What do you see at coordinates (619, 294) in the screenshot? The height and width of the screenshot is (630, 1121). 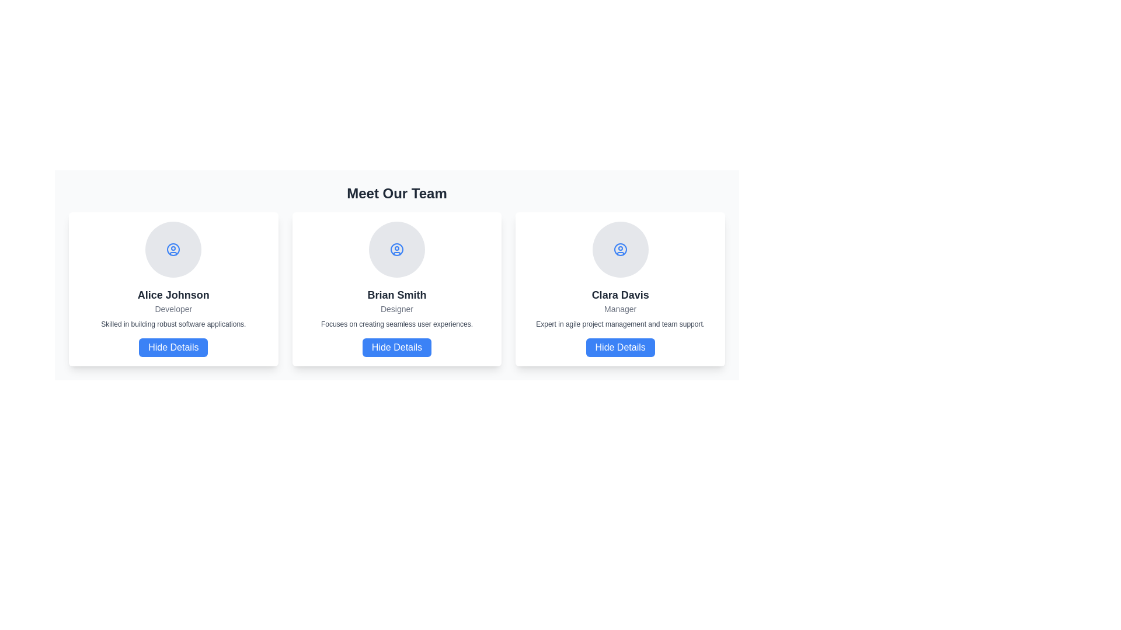 I see `the text label that identifies the individual associated with the third card in the team member section, positioned beneath the avatar icon and above the text 'Manager'` at bounding box center [619, 294].